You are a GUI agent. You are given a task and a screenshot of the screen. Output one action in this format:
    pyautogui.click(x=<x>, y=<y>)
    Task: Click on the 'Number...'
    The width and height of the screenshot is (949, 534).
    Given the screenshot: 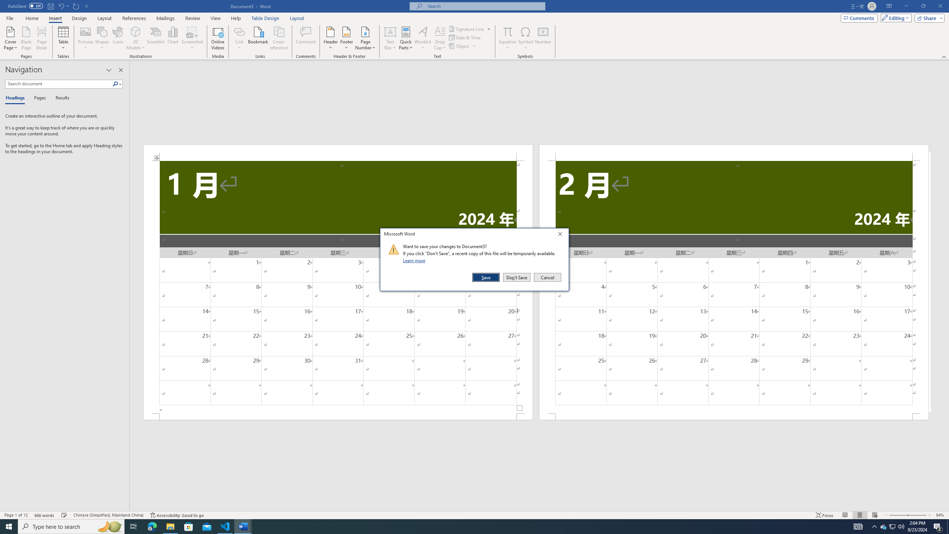 What is the action you would take?
    pyautogui.click(x=543, y=38)
    